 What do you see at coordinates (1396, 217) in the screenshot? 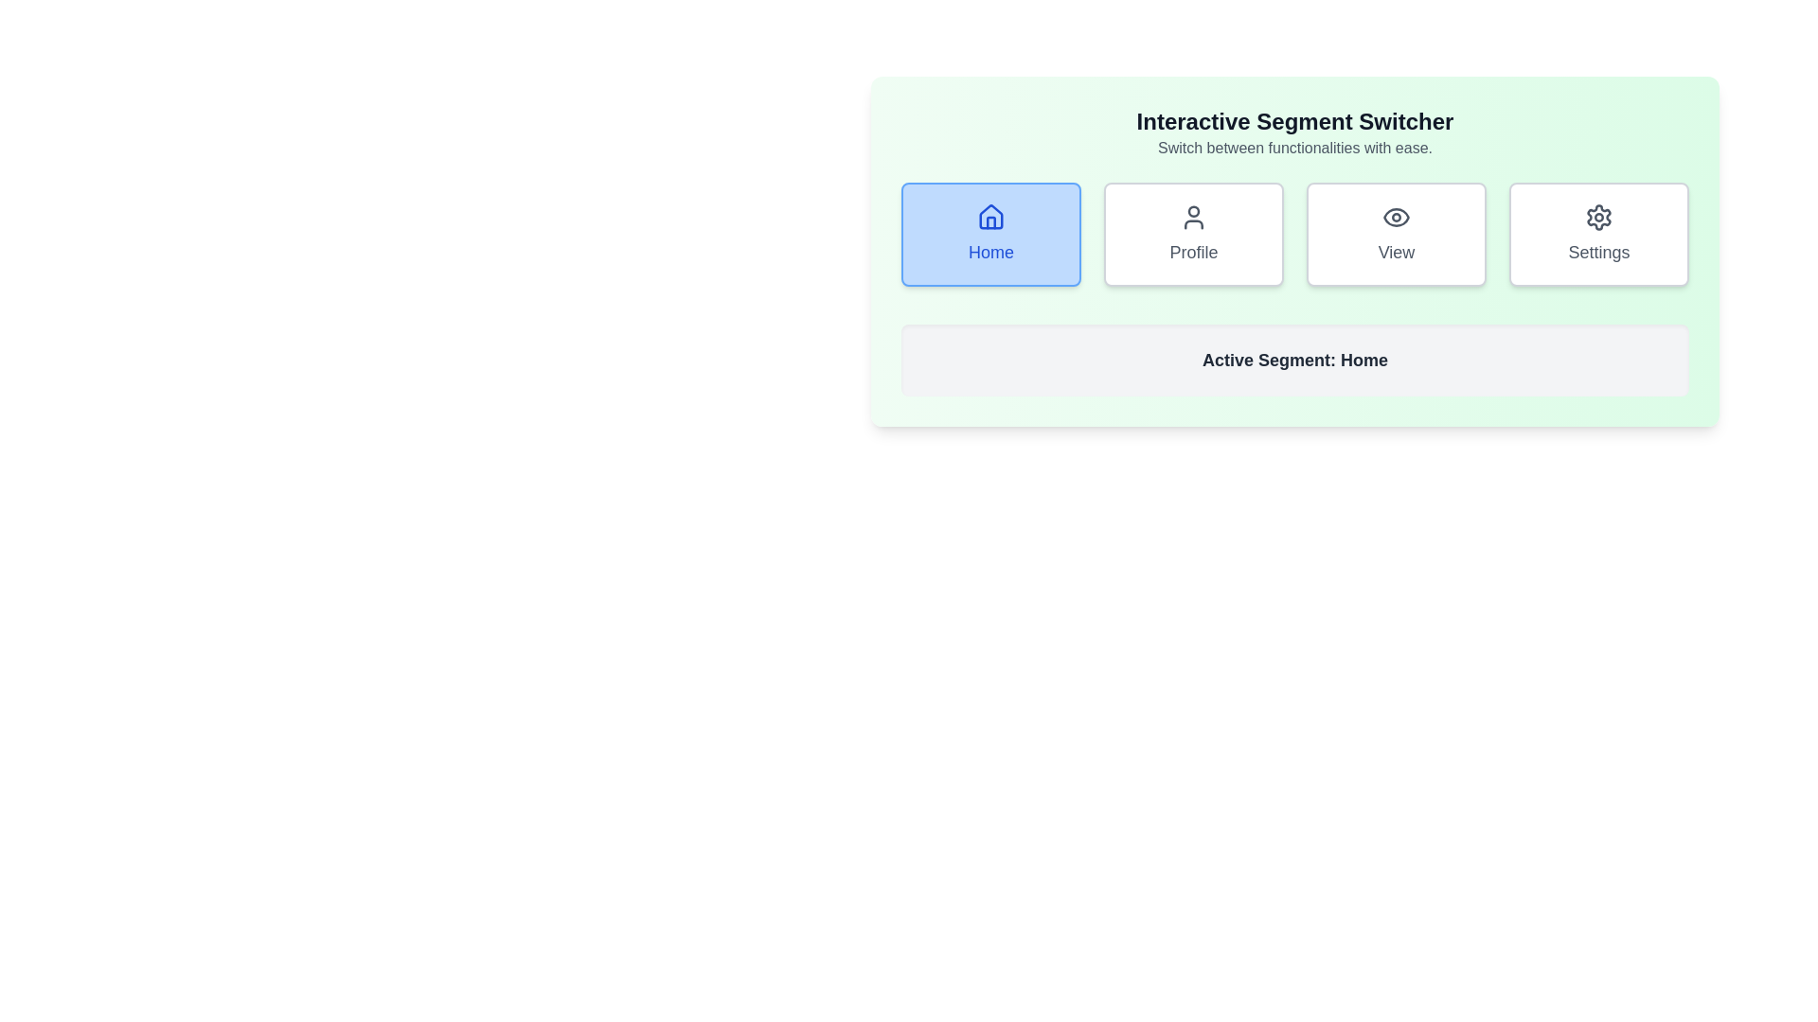
I see `the 'View' icon, which is the third button in a horizontal group of four buttons` at bounding box center [1396, 217].